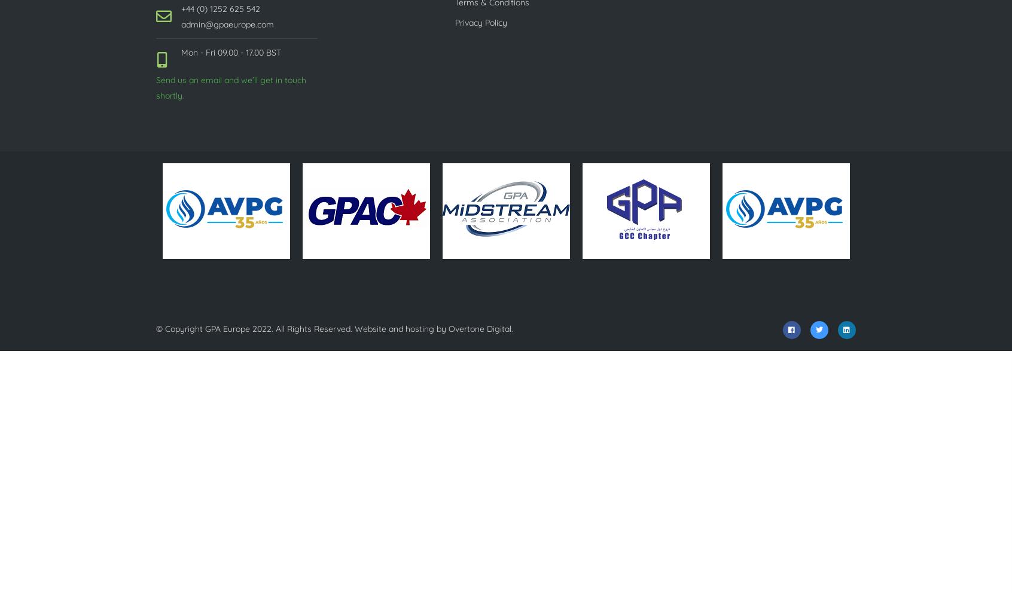 The height and width of the screenshot is (598, 1012). Describe the element at coordinates (231, 87) in the screenshot. I see `'Send us an email and we’ll get in touch shortly.'` at that location.